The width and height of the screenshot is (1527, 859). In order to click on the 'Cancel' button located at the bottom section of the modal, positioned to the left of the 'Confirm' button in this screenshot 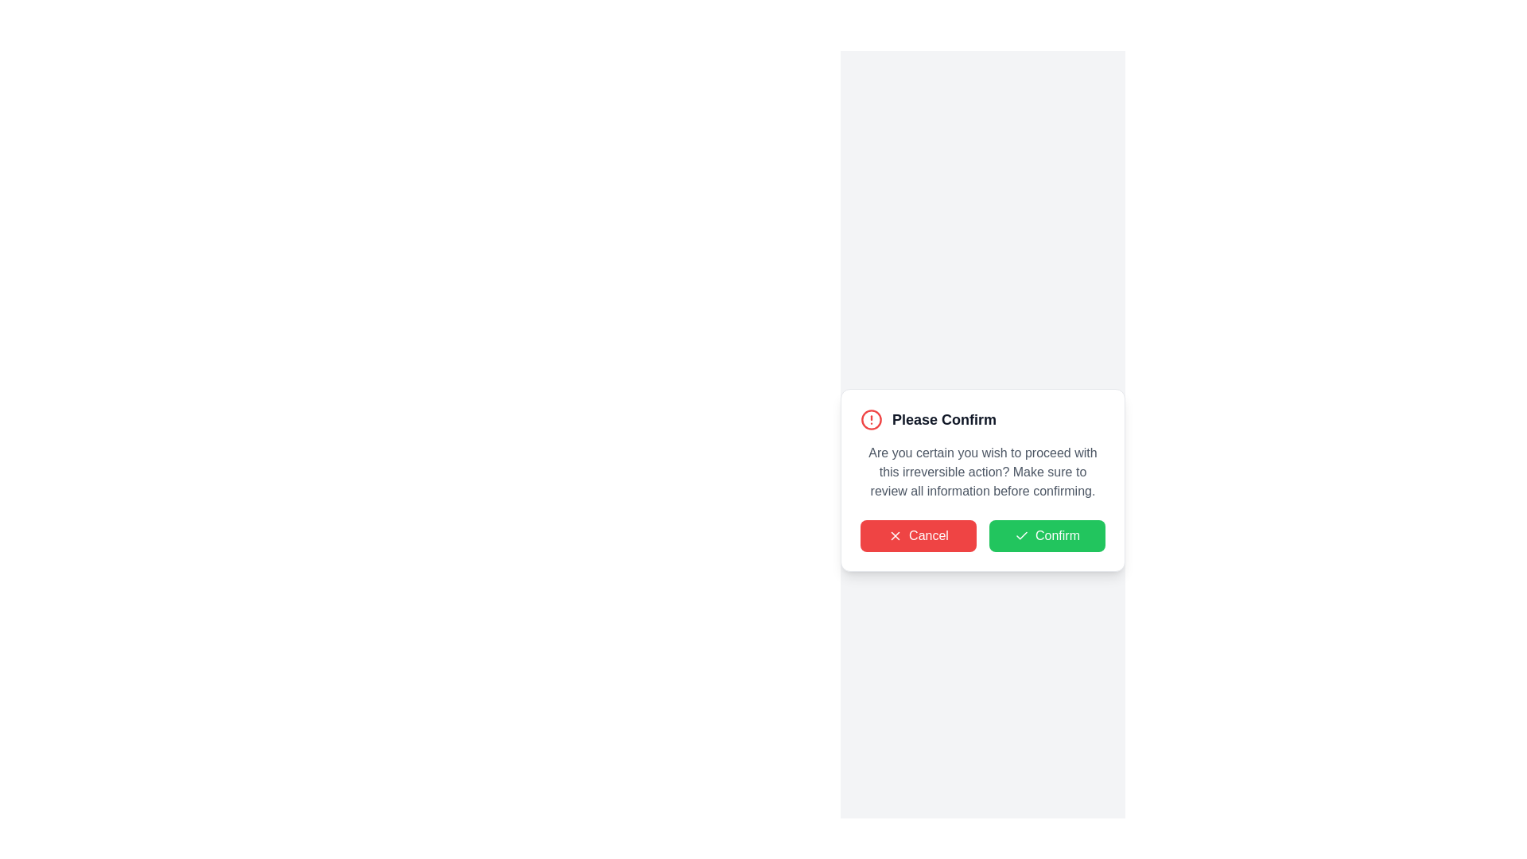, I will do `click(919, 536)`.